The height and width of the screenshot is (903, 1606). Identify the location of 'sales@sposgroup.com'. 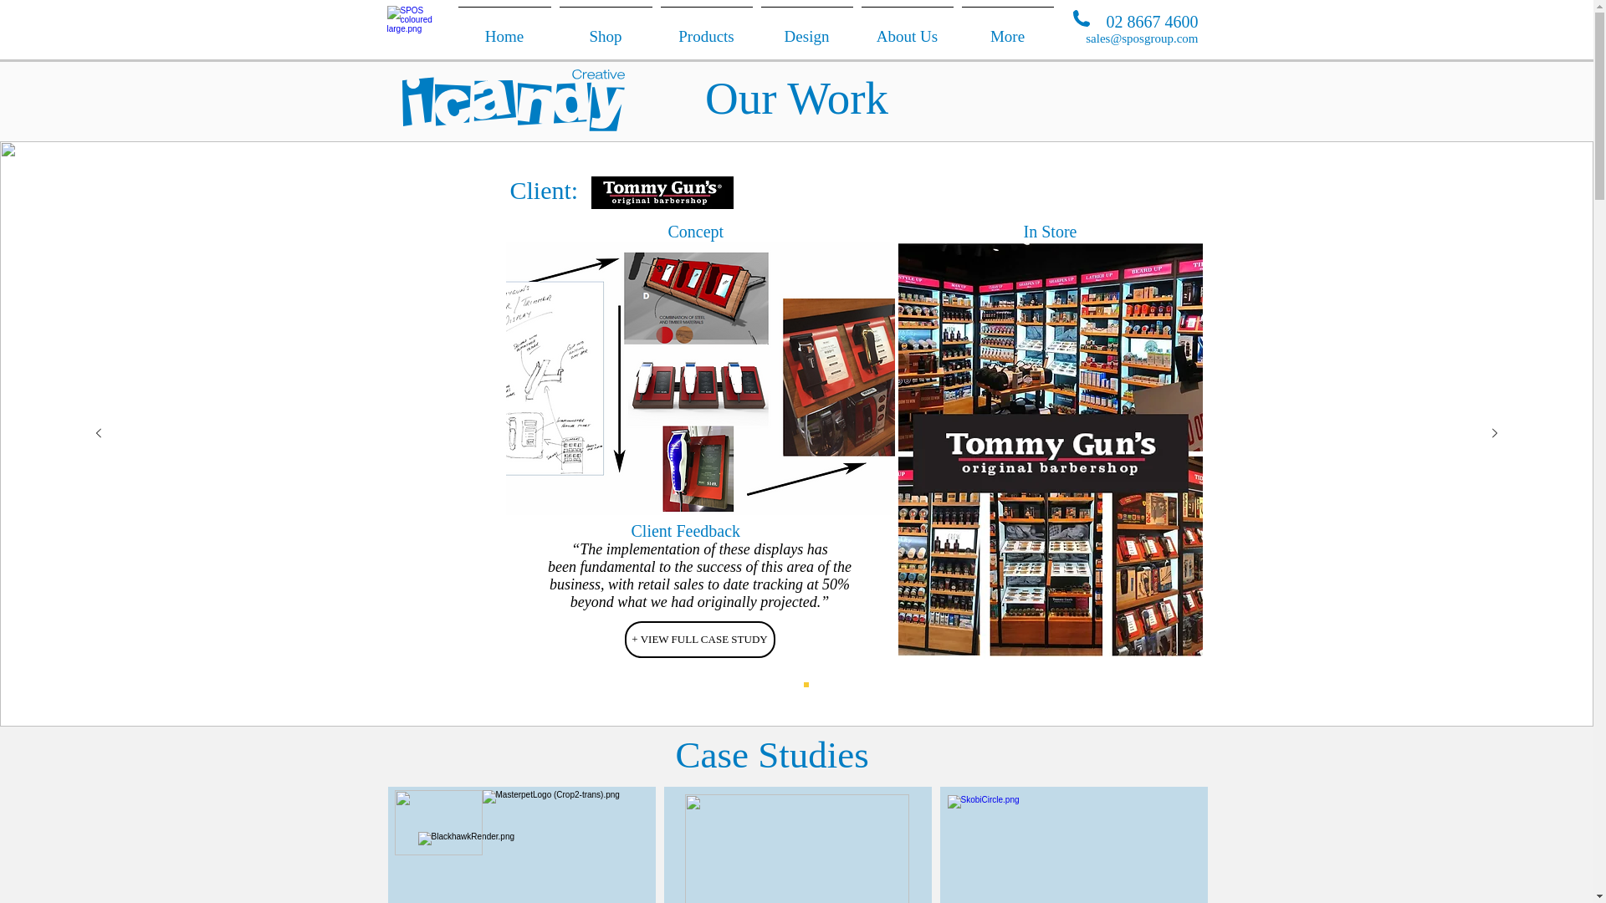
(1140, 38).